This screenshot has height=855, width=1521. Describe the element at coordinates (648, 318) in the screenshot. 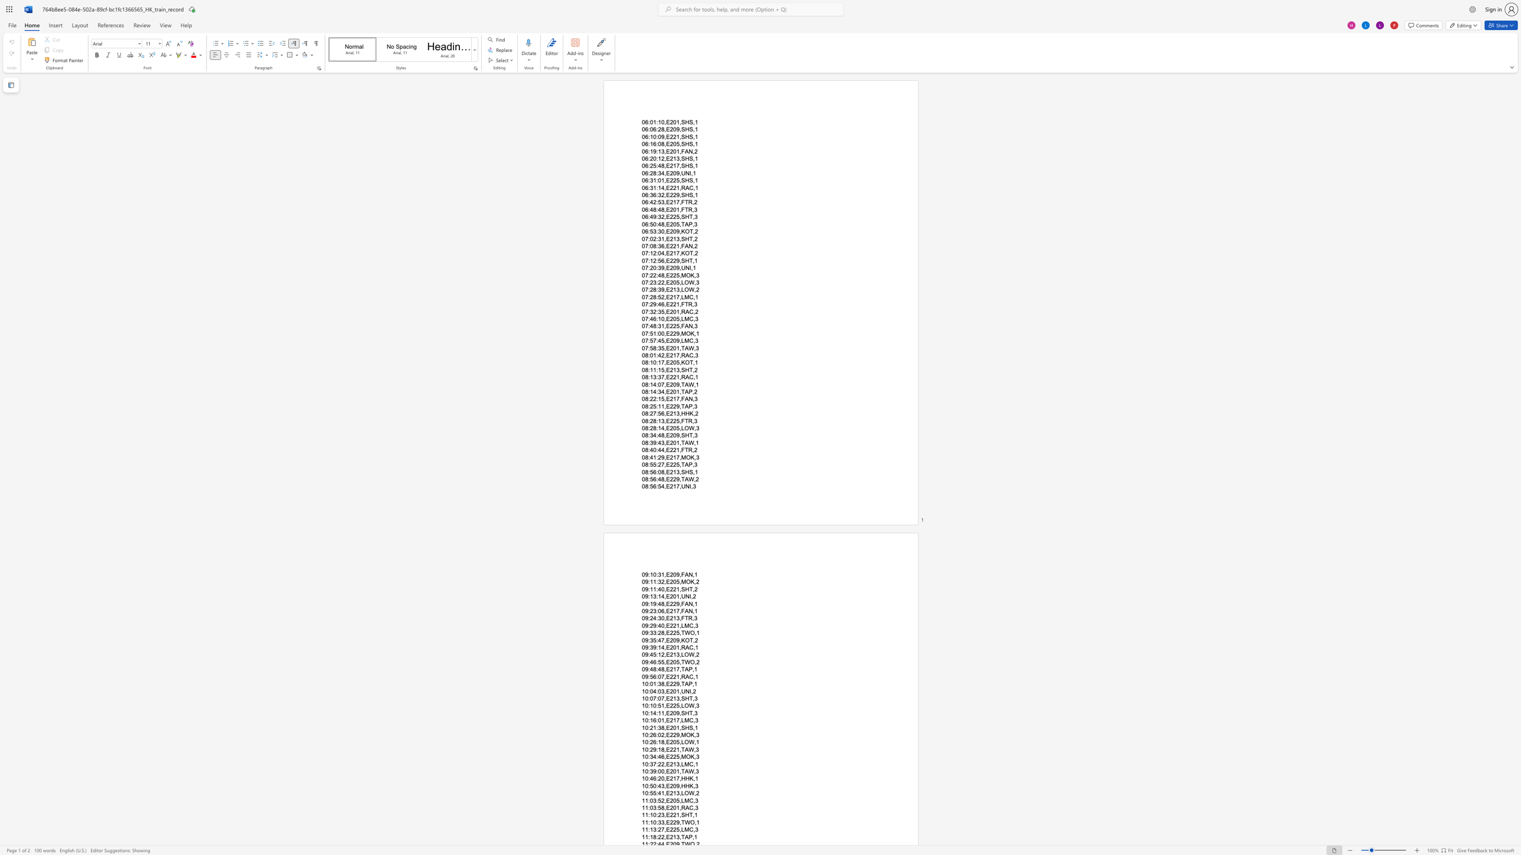

I see `the subset text ":46:10,E205,LMC" within the text "07:46:10,E205,LMC,3"` at that location.